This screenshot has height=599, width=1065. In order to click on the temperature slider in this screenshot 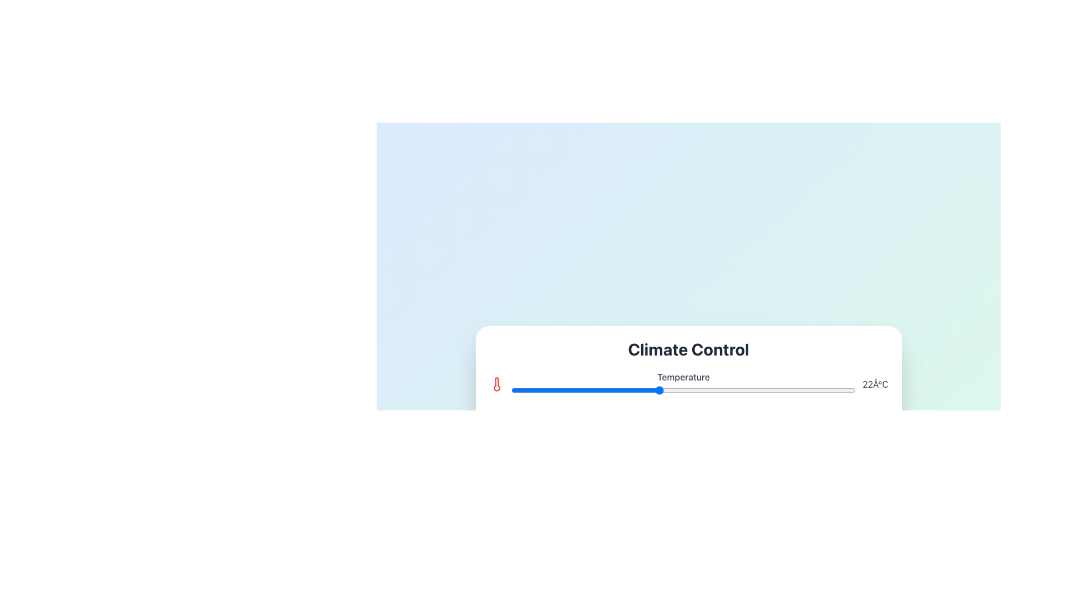, I will do `click(658, 390)`.